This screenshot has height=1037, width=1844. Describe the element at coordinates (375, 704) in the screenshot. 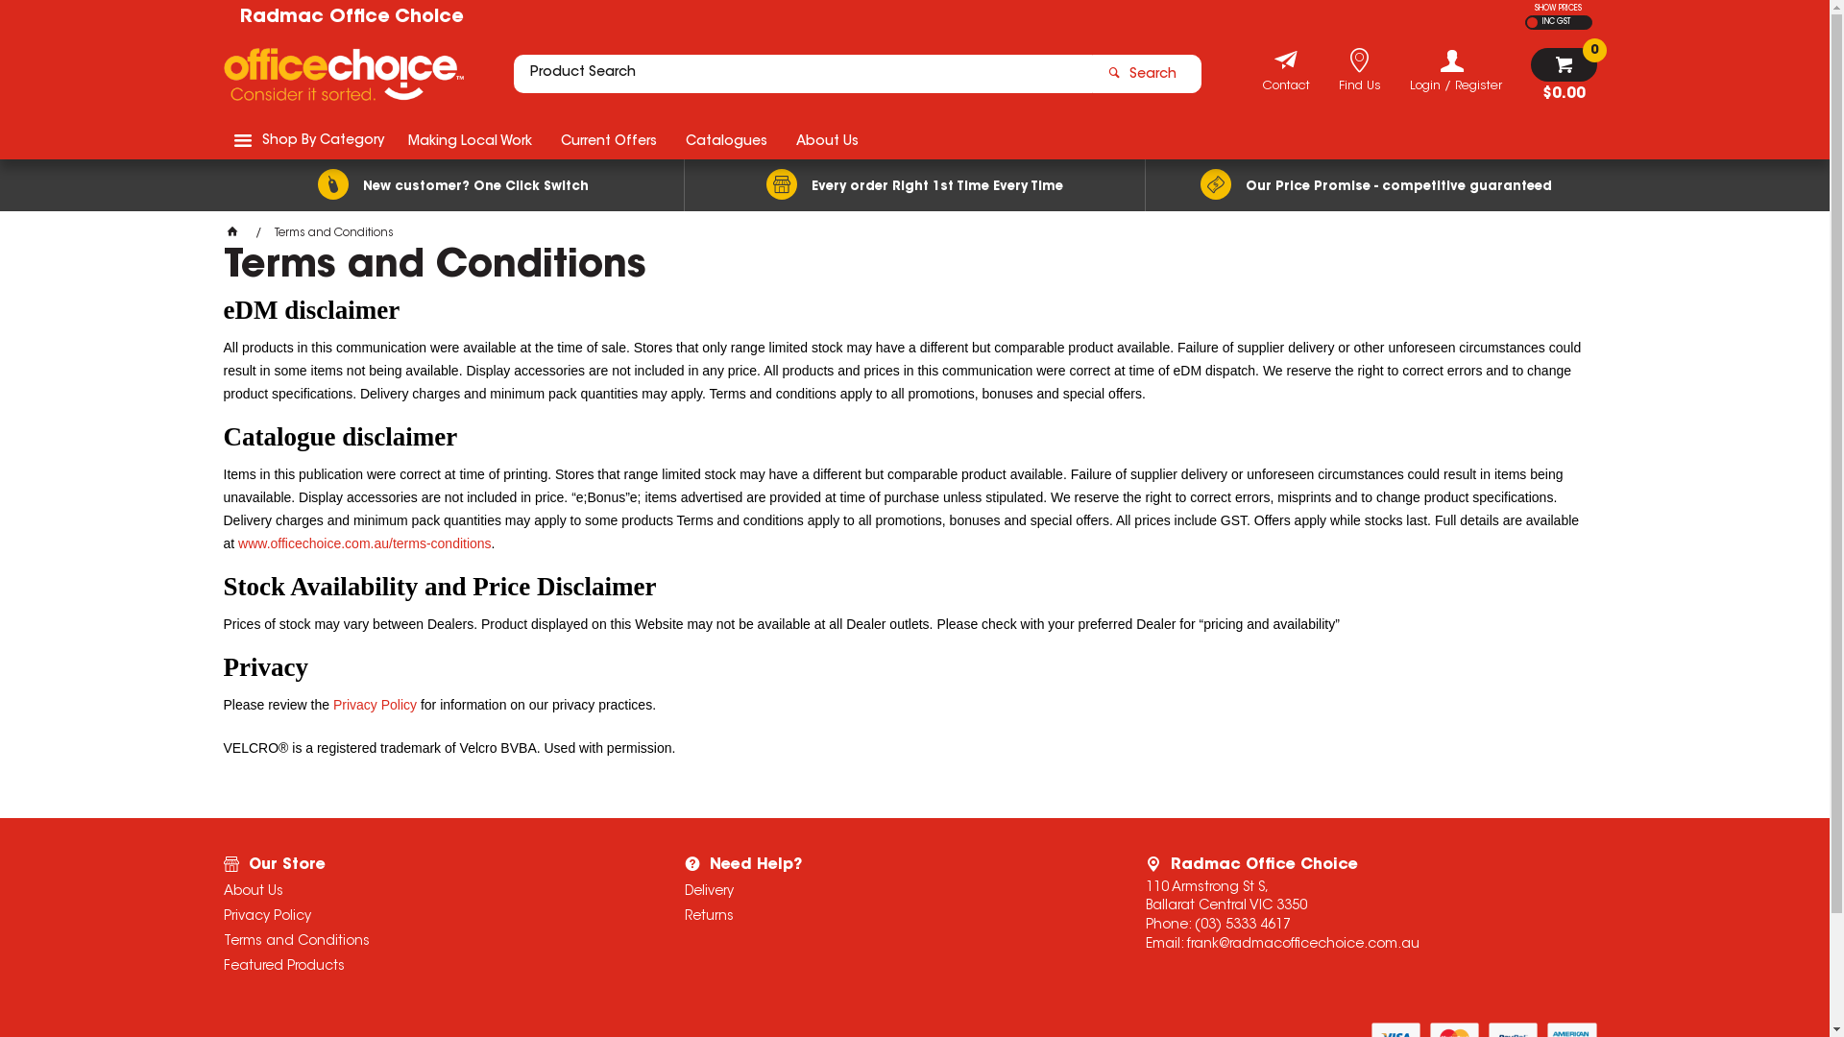

I see `'Privacy Policy'` at that location.